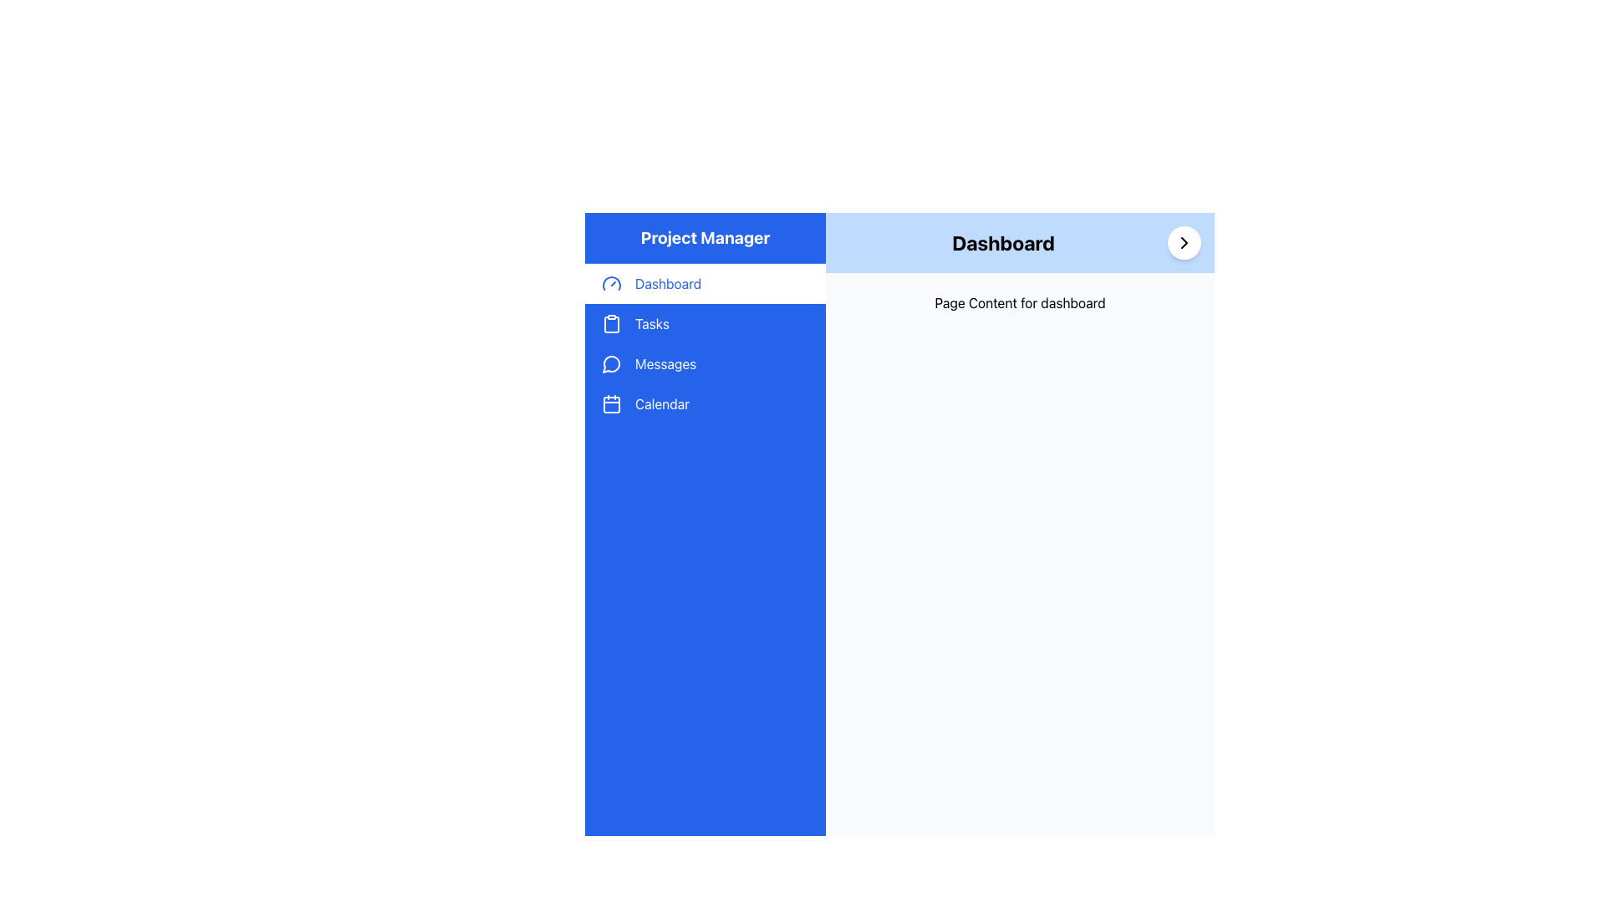 This screenshot has height=902, width=1605. I want to click on the 'Tasks' text label in the navigation sidebar, so click(651, 324).